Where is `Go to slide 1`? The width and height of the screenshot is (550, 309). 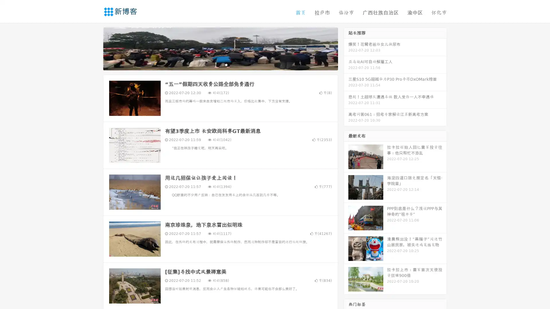 Go to slide 1 is located at coordinates (214, 64).